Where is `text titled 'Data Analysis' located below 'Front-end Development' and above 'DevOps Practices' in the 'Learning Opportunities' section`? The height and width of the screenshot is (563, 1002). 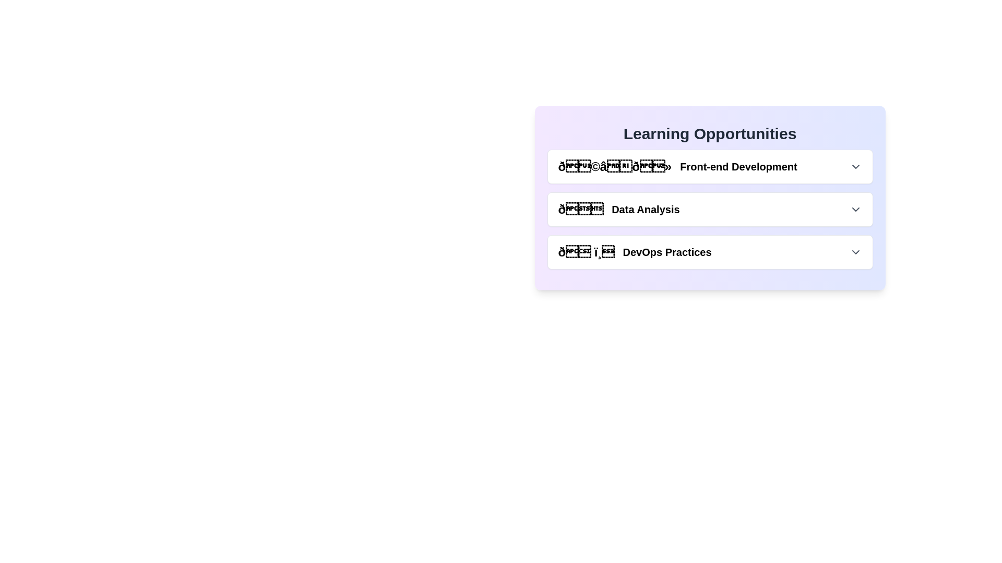 text titled 'Data Analysis' located below 'Front-end Development' and above 'DevOps Practices' in the 'Learning Opportunities' section is located at coordinates (618, 209).